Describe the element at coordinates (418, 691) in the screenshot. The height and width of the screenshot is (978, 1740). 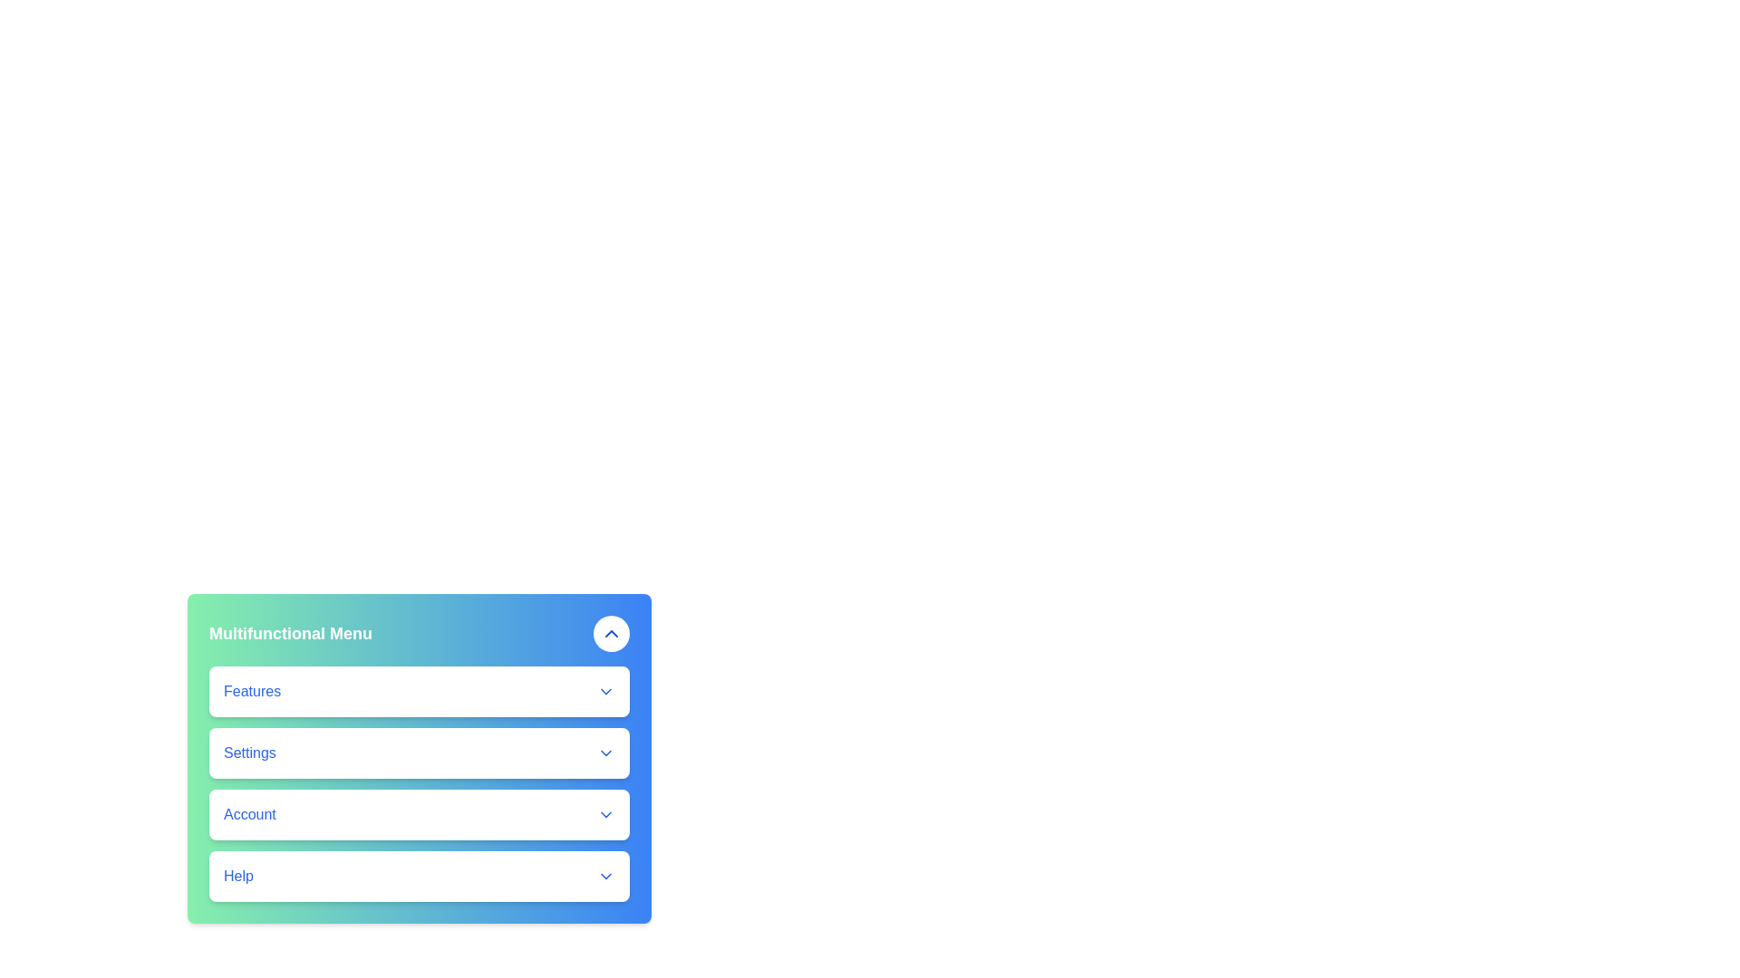
I see `the 'Features' dropdown menu item, which is the first item in the vertical list with a blue font and a downward chevron` at that location.